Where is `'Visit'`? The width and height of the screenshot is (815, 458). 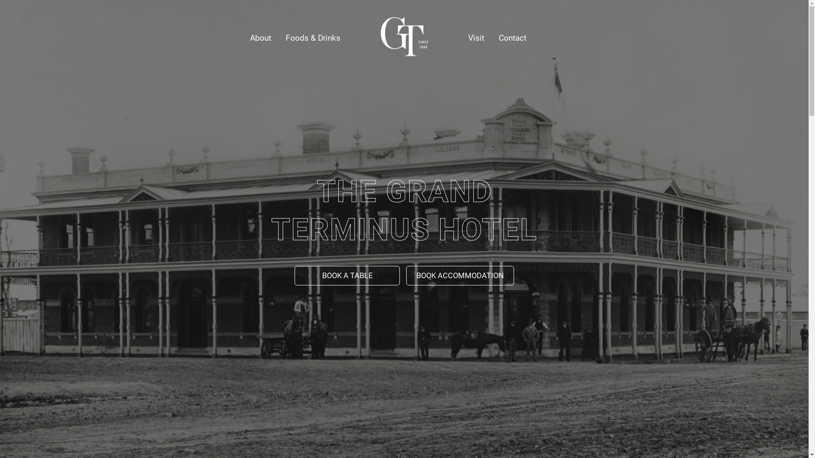 'Visit' is located at coordinates (460, 37).